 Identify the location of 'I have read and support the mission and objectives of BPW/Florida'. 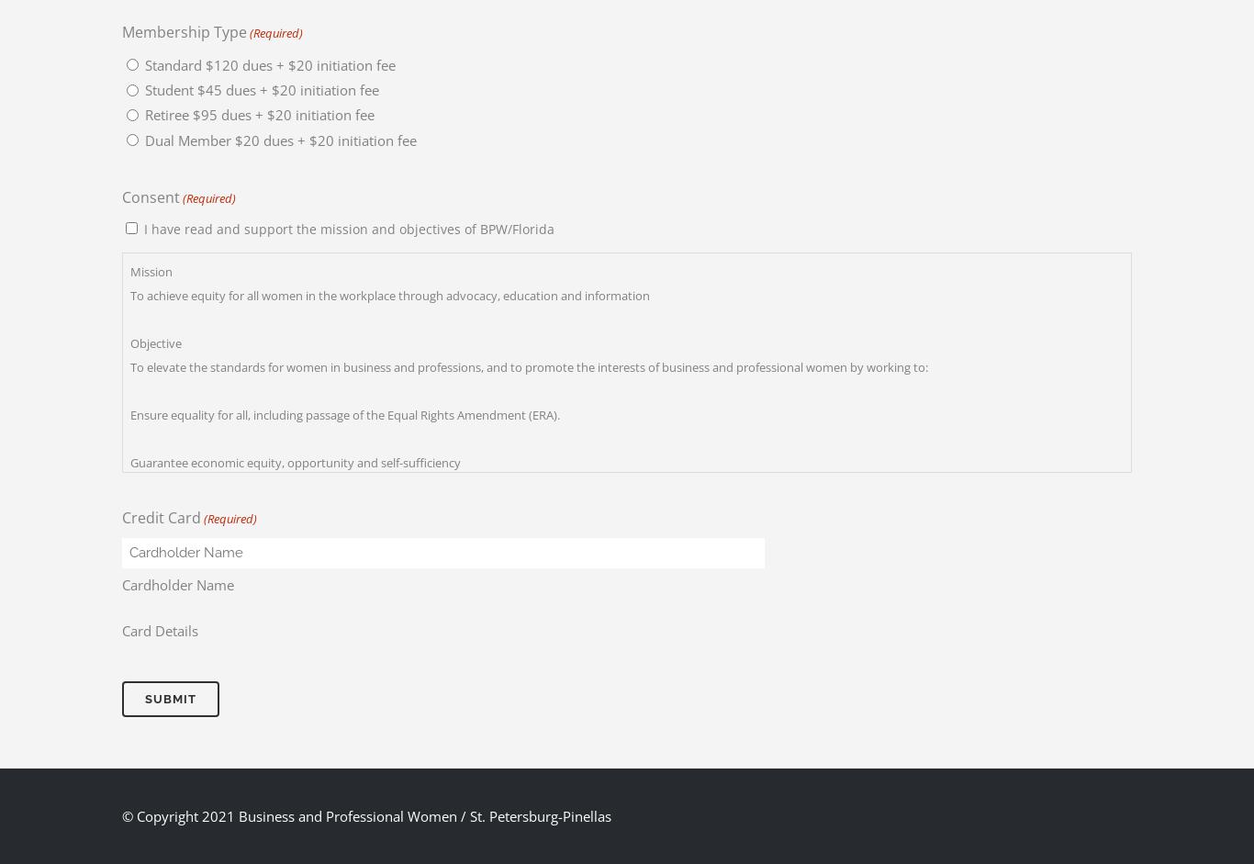
(348, 227).